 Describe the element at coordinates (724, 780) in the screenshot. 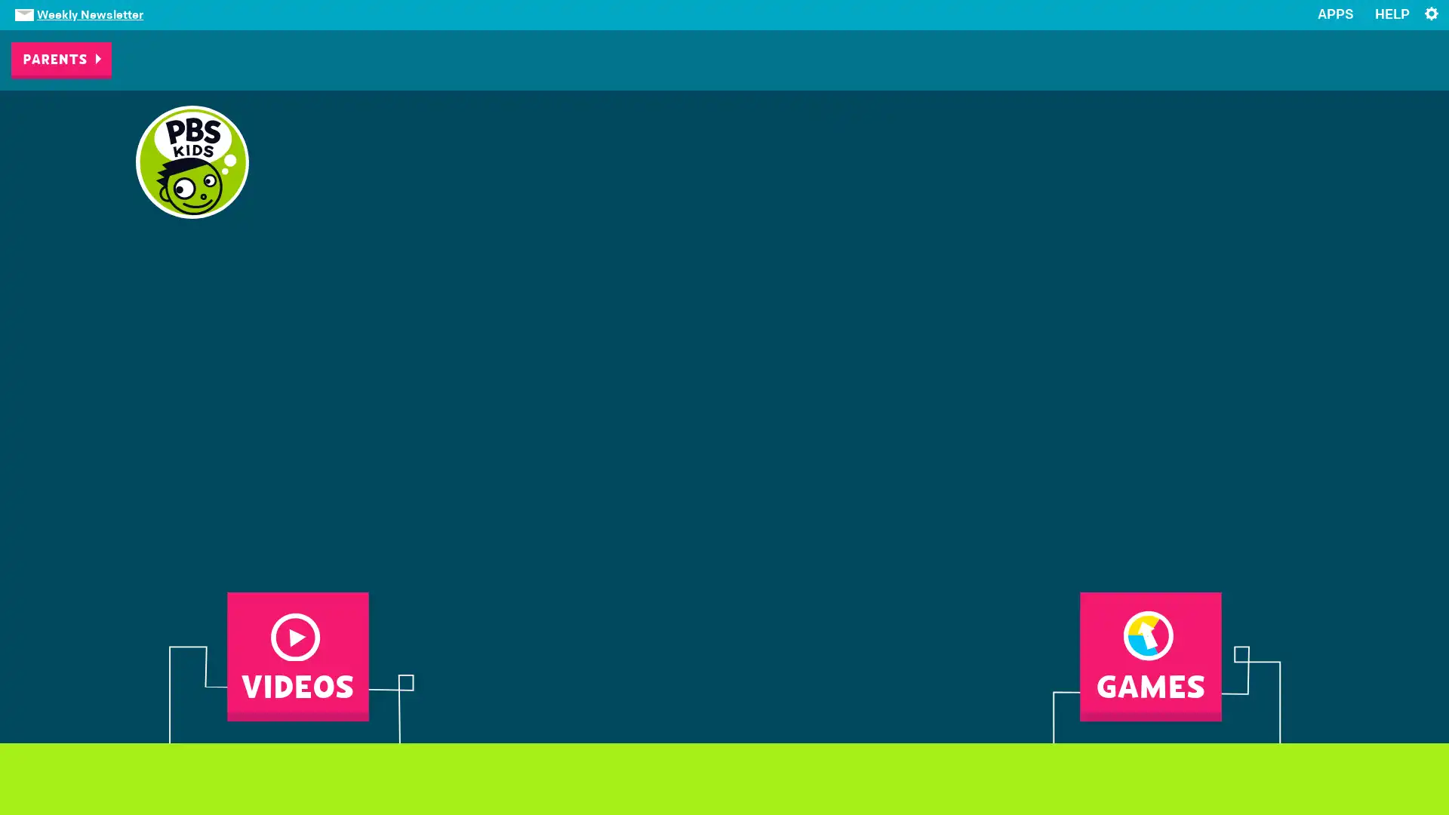

I see `NEXT FRAME` at that location.